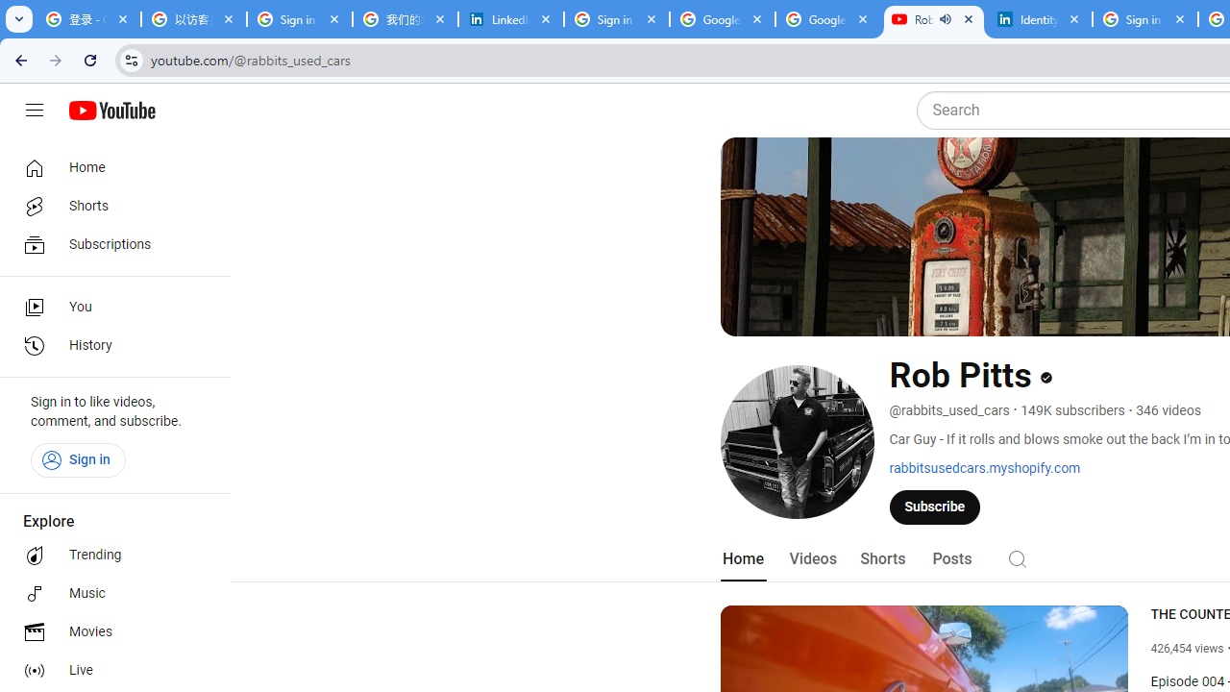 The height and width of the screenshot is (692, 1230). I want to click on 'YouTube Home', so click(111, 111).